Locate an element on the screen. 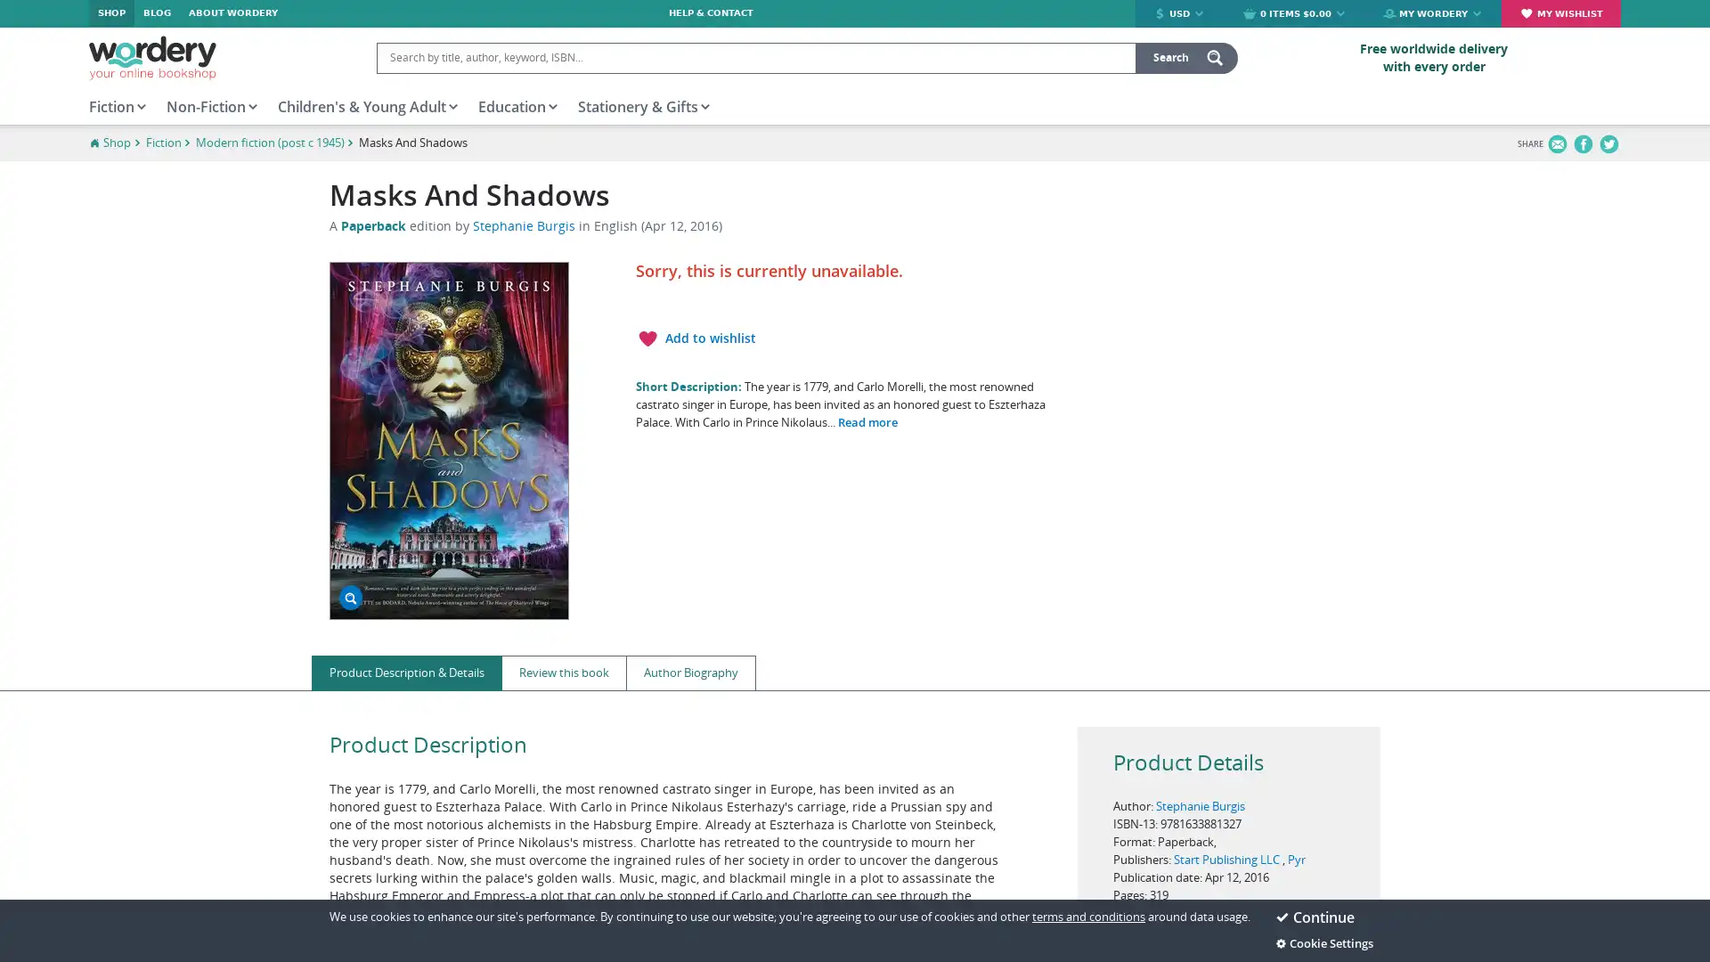 This screenshot has width=1710, height=962. Clear input is located at coordinates (1119, 56).